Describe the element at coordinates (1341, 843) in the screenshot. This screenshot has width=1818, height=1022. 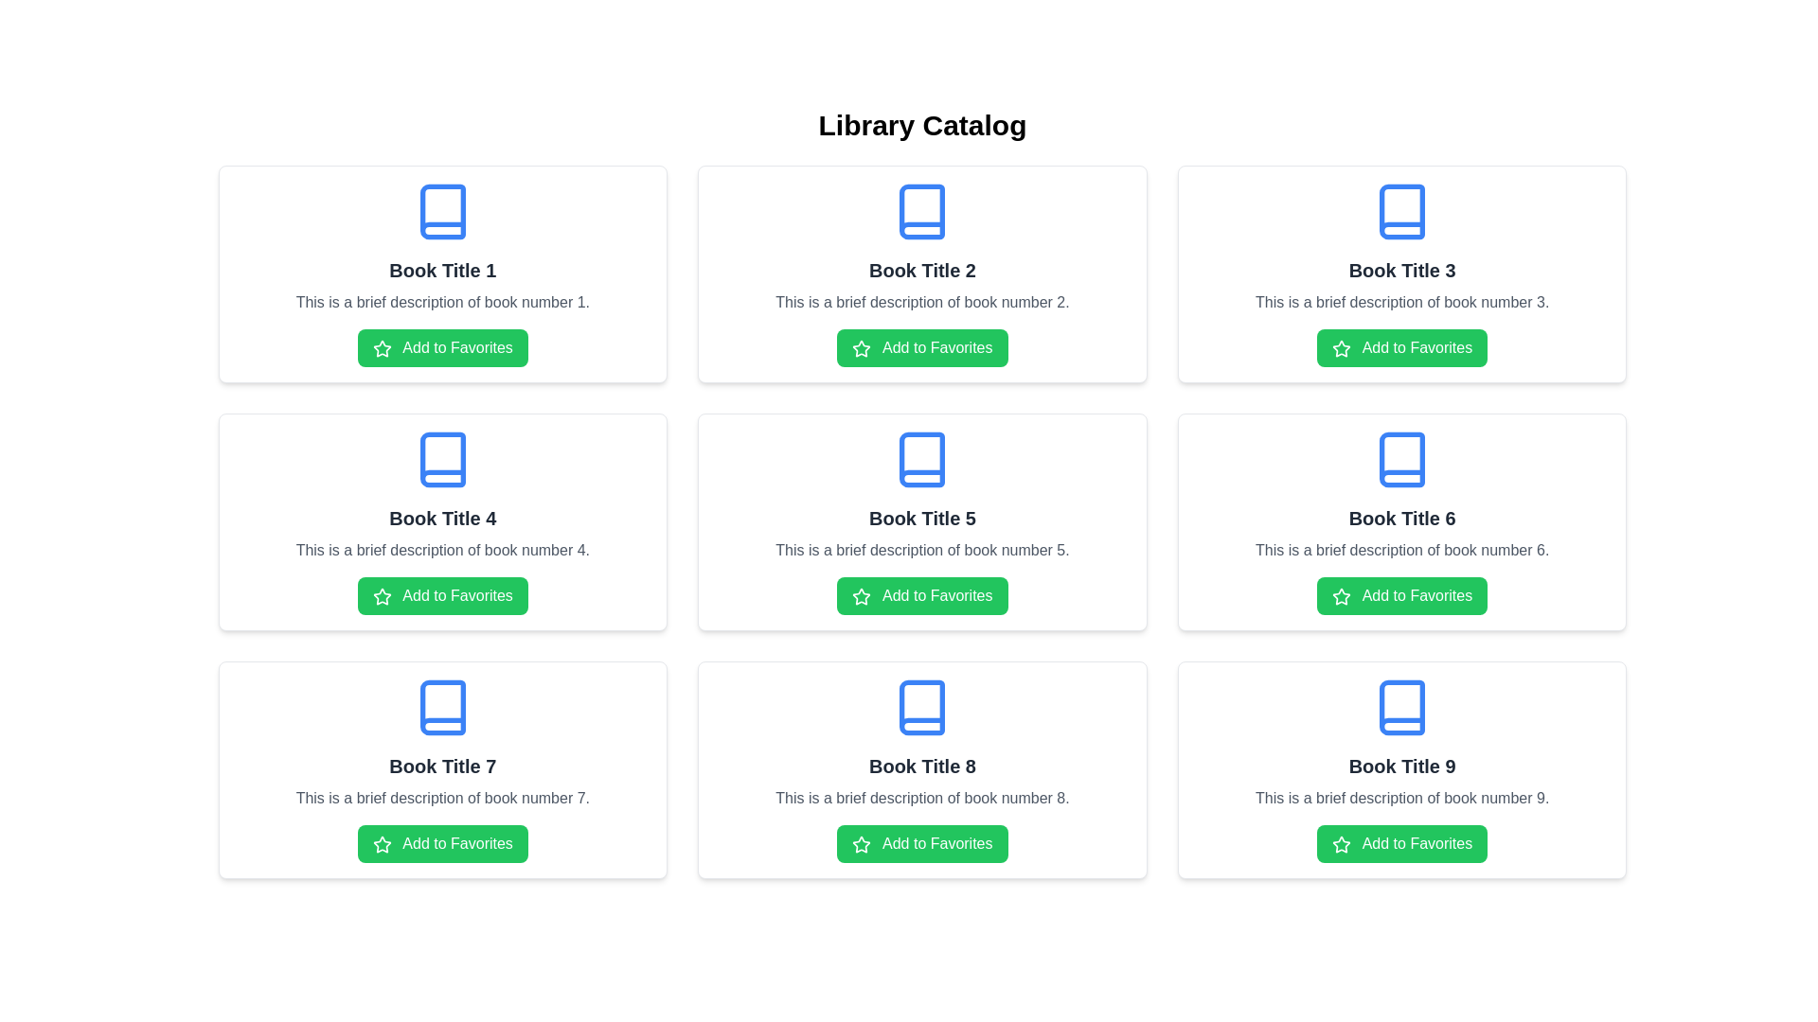
I see `the star icon with a green background, part of the 'Add to Favorites' button for 'Book Title 9', located in the bottom-right corner of the grid layout` at that location.